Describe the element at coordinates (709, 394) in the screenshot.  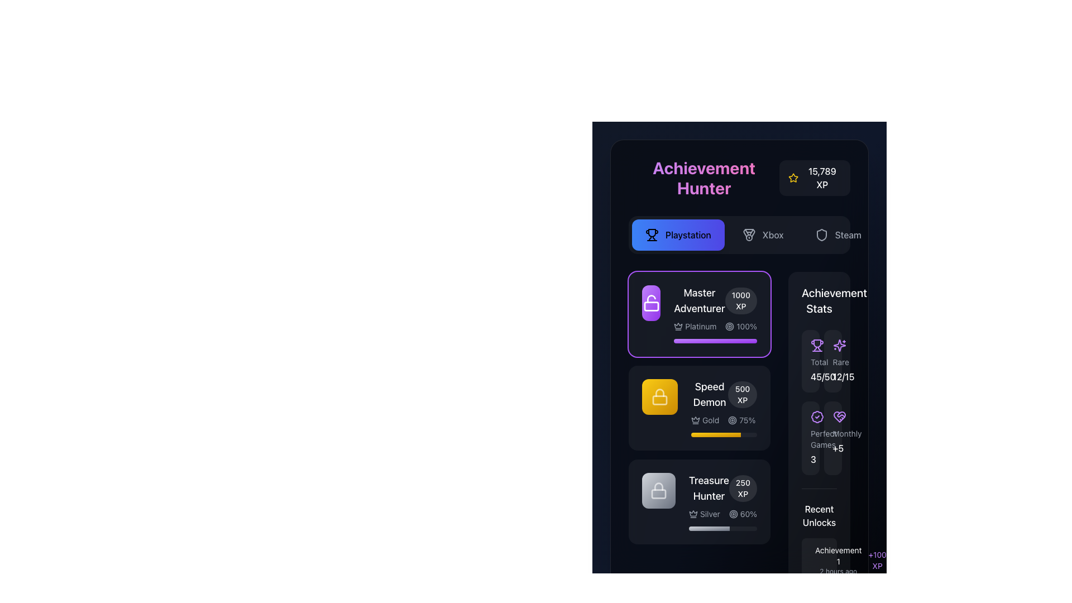
I see `the text label displaying 'Speed Demon' in white, medium-weight font, which is centered above another label showing '500 XP'` at that location.